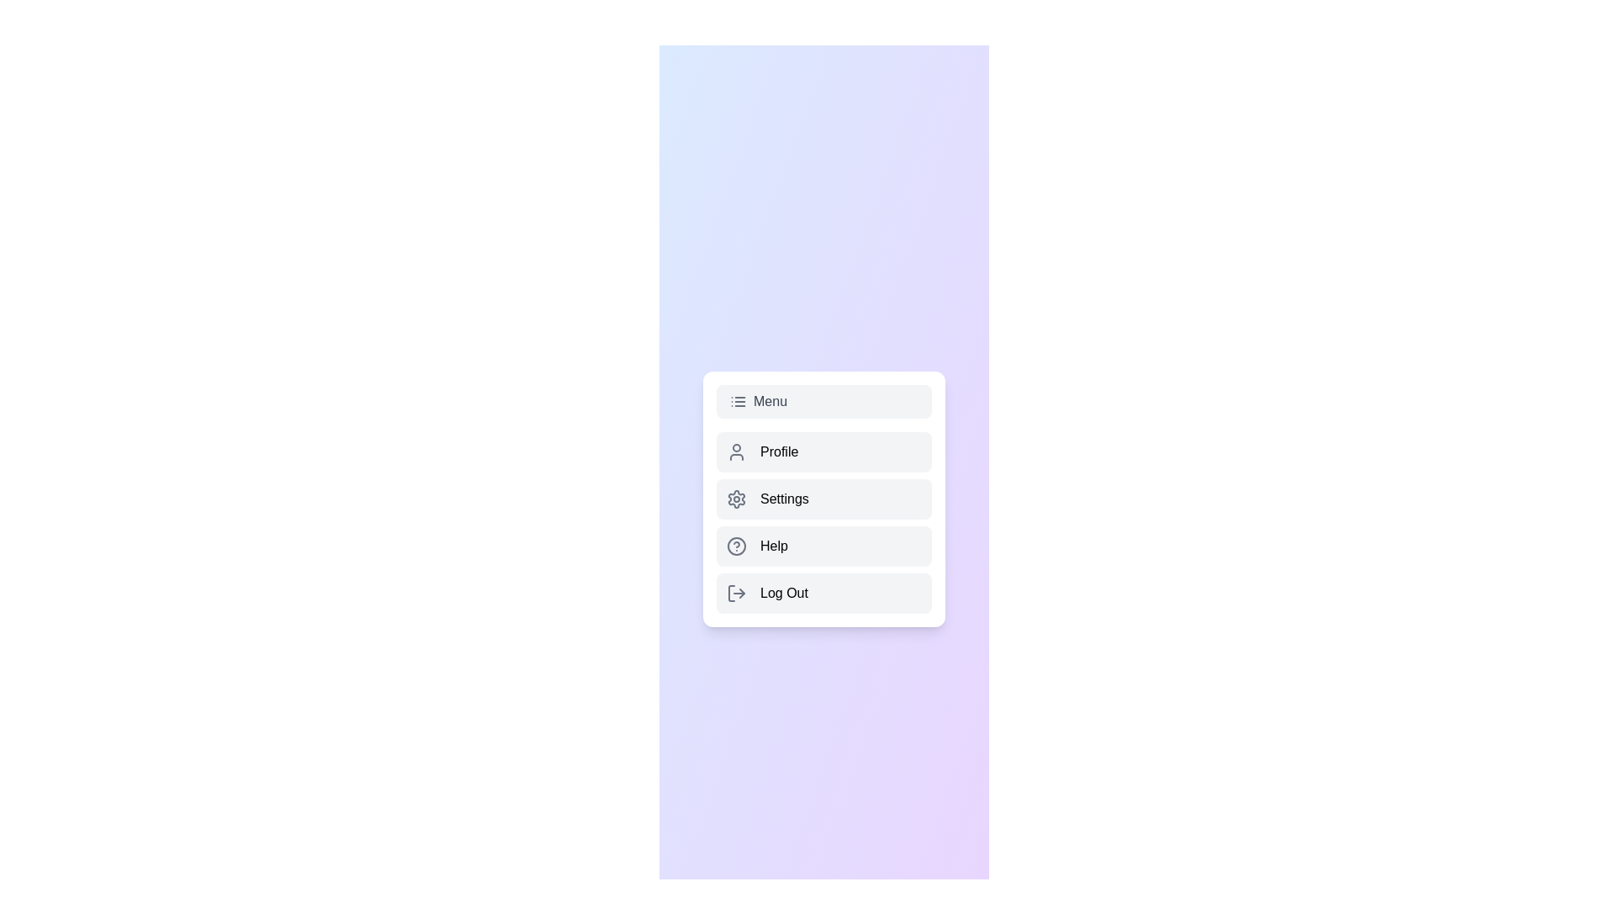 The height and width of the screenshot is (908, 1615). What do you see at coordinates (823, 451) in the screenshot?
I see `the 'Profile' button in the menu` at bounding box center [823, 451].